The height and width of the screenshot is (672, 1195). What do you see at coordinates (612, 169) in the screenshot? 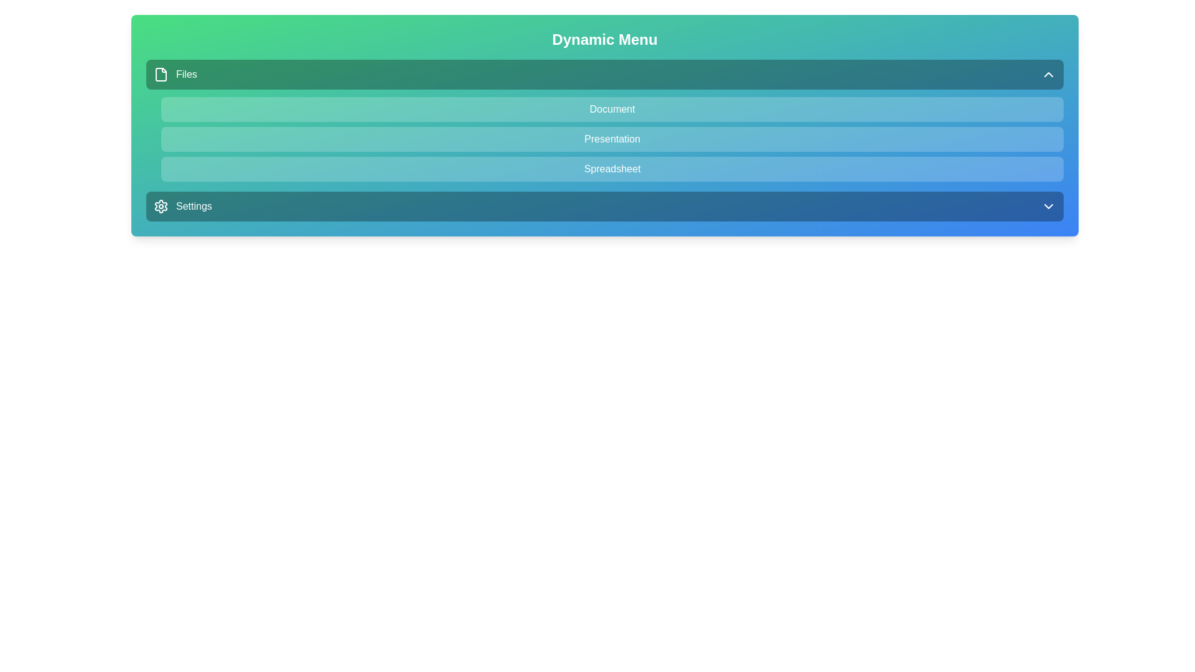
I see `the third item in a vertical list of three menu options, located beneath 'Document' and 'Presentation'` at bounding box center [612, 169].